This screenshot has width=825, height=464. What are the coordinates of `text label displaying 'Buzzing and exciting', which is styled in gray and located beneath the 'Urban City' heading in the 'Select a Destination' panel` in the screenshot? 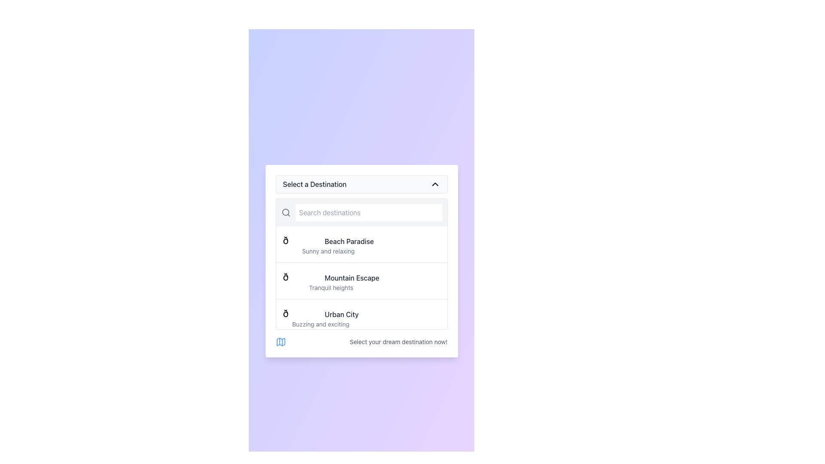 It's located at (320, 324).